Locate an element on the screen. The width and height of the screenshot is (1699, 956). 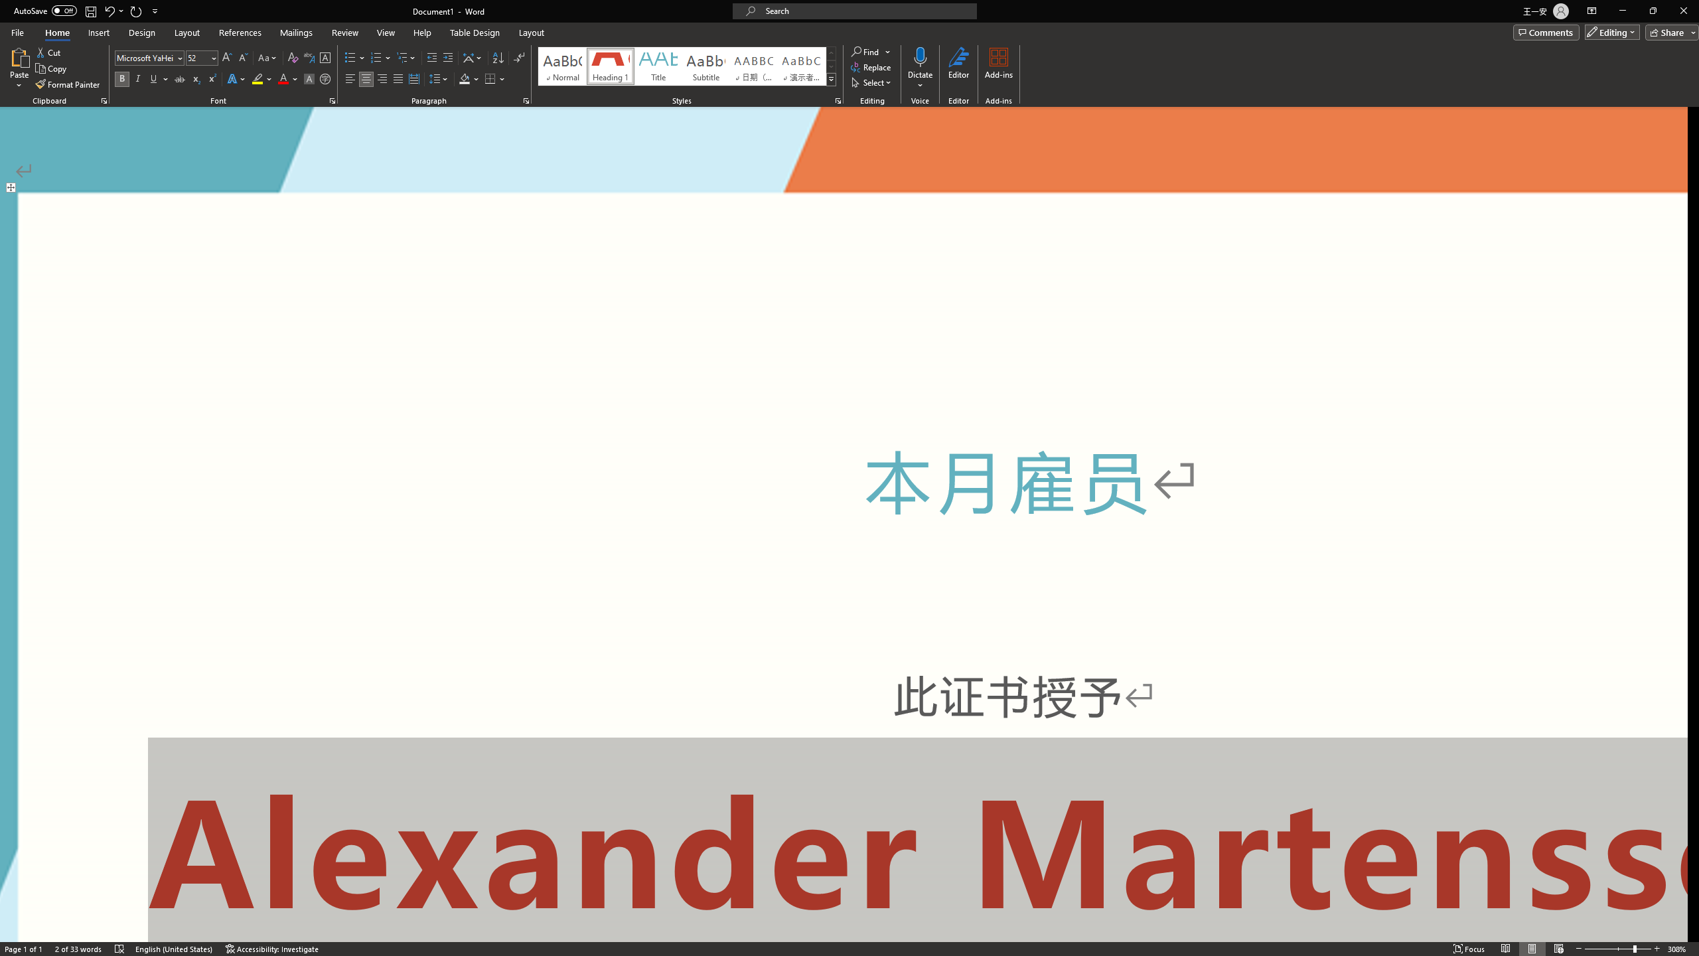
'Spelling and Grammar Check No Errors' is located at coordinates (122, 922).